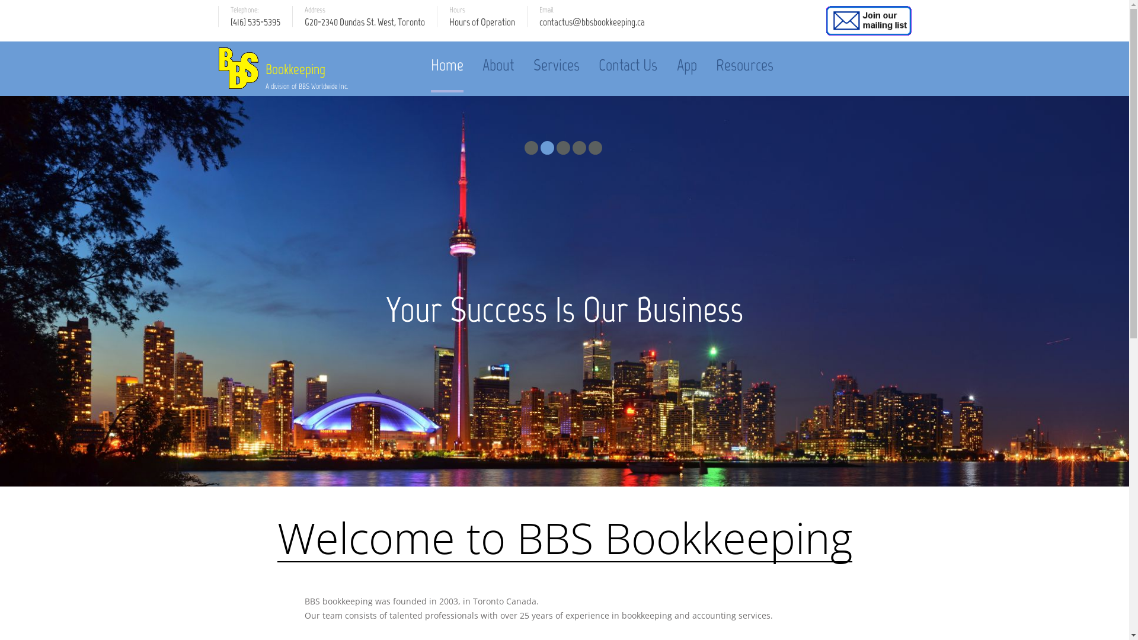  Describe the element at coordinates (744, 65) in the screenshot. I see `'Resources'` at that location.